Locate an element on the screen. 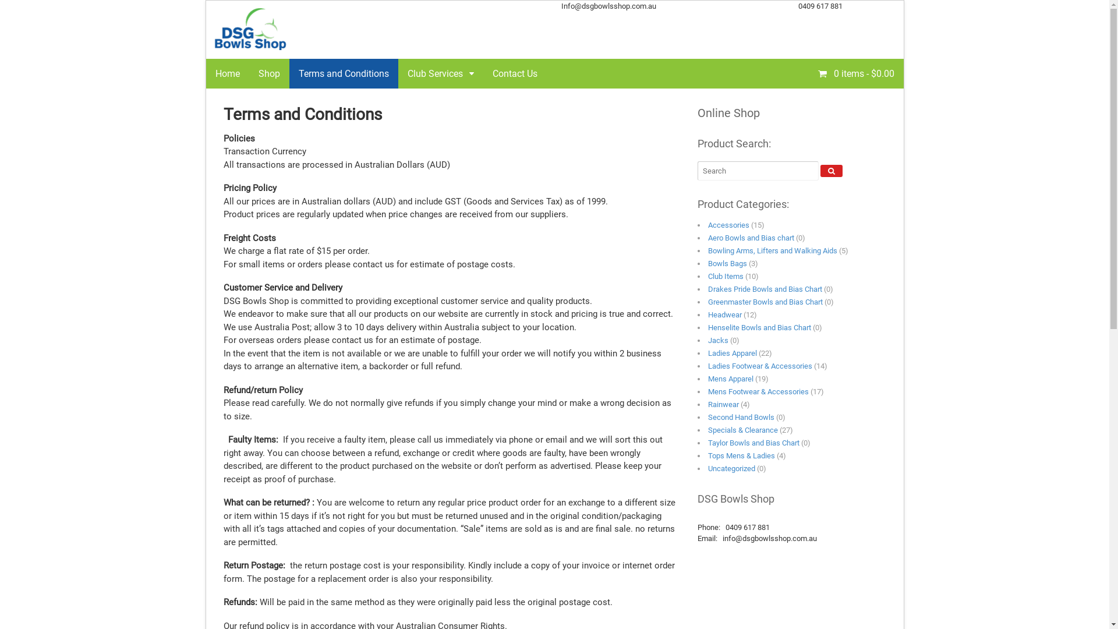  'Taylor Bowls and Bias Chart' is located at coordinates (753, 443).